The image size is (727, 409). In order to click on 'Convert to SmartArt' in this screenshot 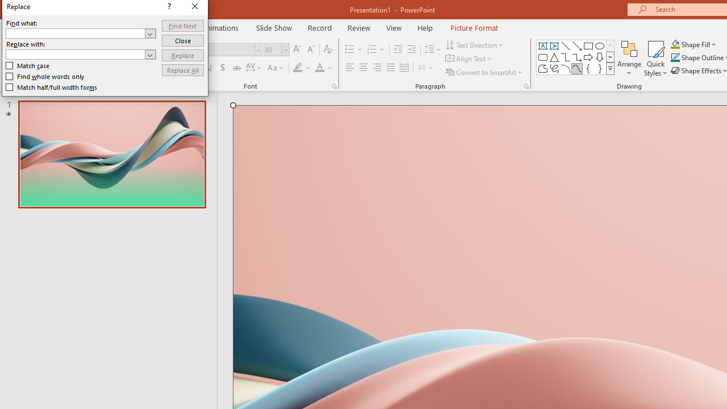, I will do `click(484, 72)`.